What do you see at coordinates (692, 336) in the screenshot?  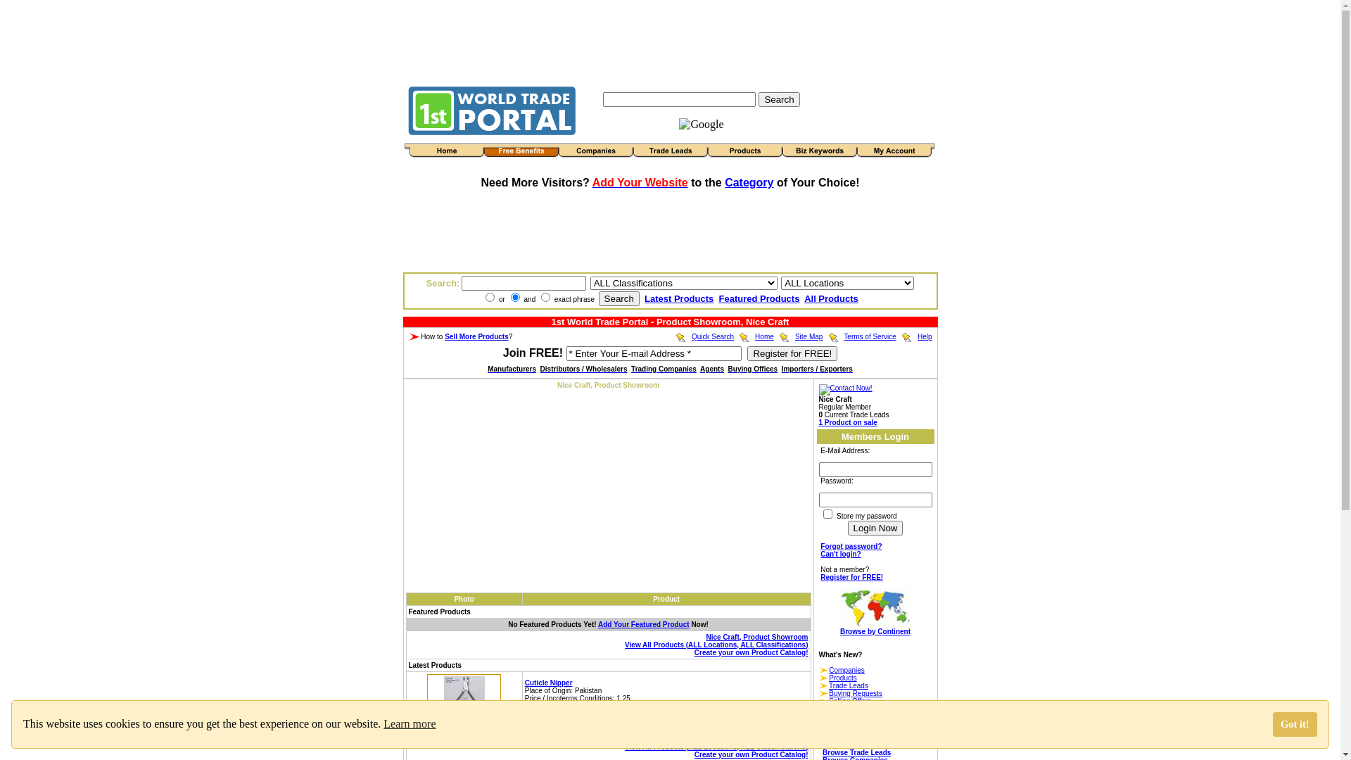 I see `'Quick Search'` at bounding box center [692, 336].